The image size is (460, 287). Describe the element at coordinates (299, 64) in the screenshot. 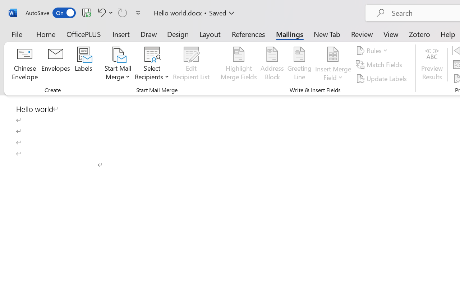

I see `'Greeting Line...'` at that location.